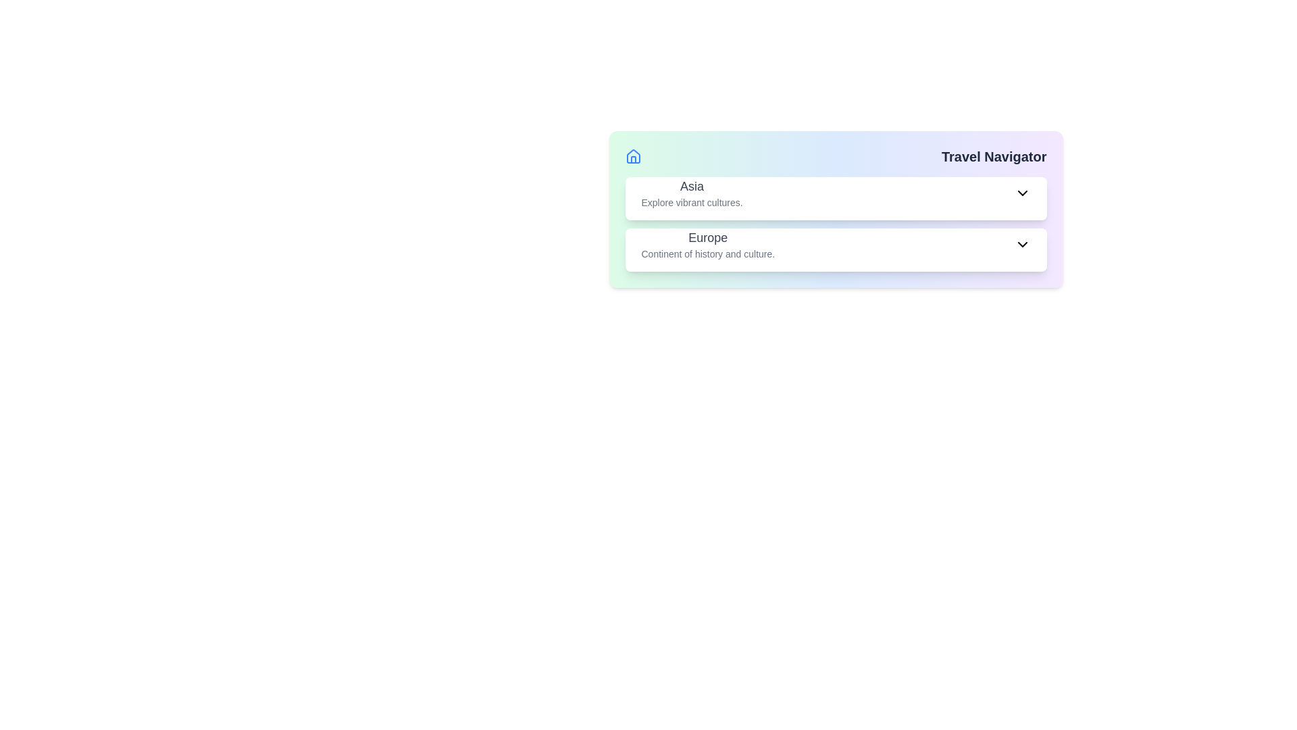  I want to click on the descriptive text beneath the title 'Asia' to associate this information with the title above, so click(692, 203).